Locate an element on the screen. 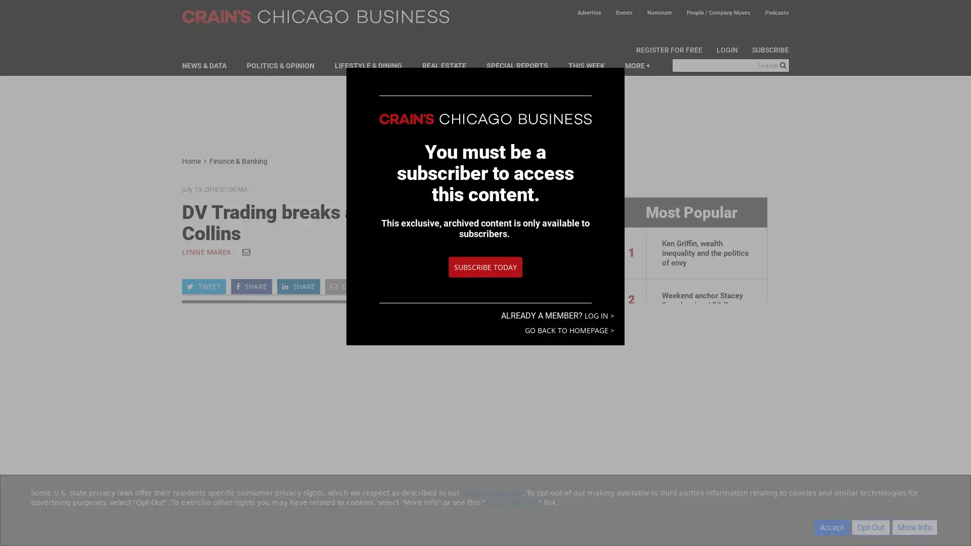 The height and width of the screenshot is (546, 971). Accept is located at coordinates (832, 527).